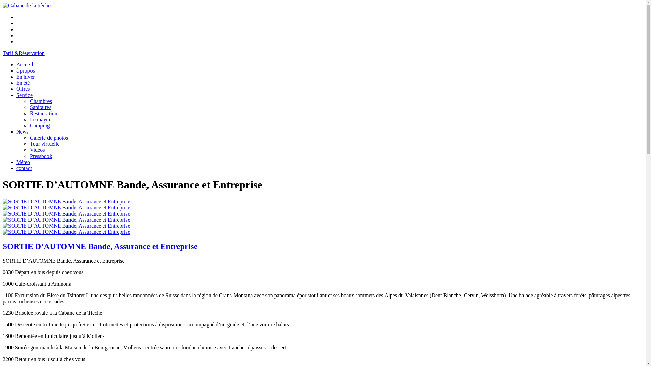  What do you see at coordinates (40, 107) in the screenshot?
I see `'Sanitaires'` at bounding box center [40, 107].